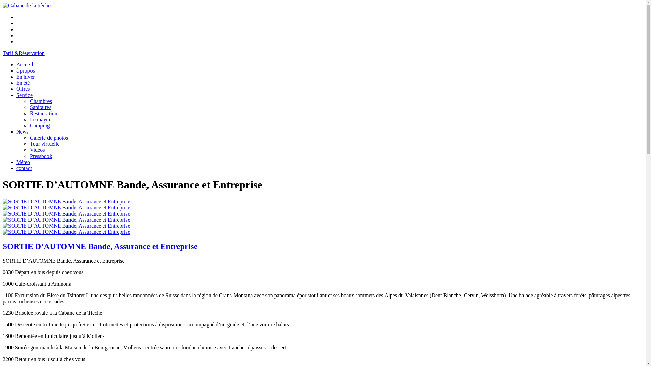  What do you see at coordinates (40, 107) in the screenshot?
I see `'Sanitaires'` at bounding box center [40, 107].